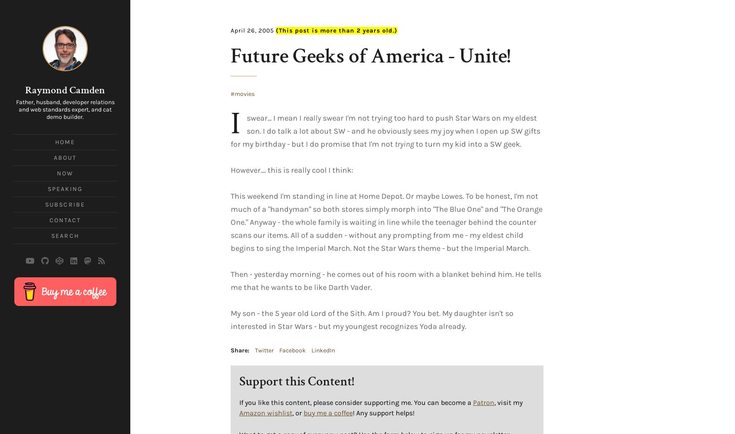 The height and width of the screenshot is (434, 735). I want to click on 'to turn my kid into a SW geek.', so click(467, 144).